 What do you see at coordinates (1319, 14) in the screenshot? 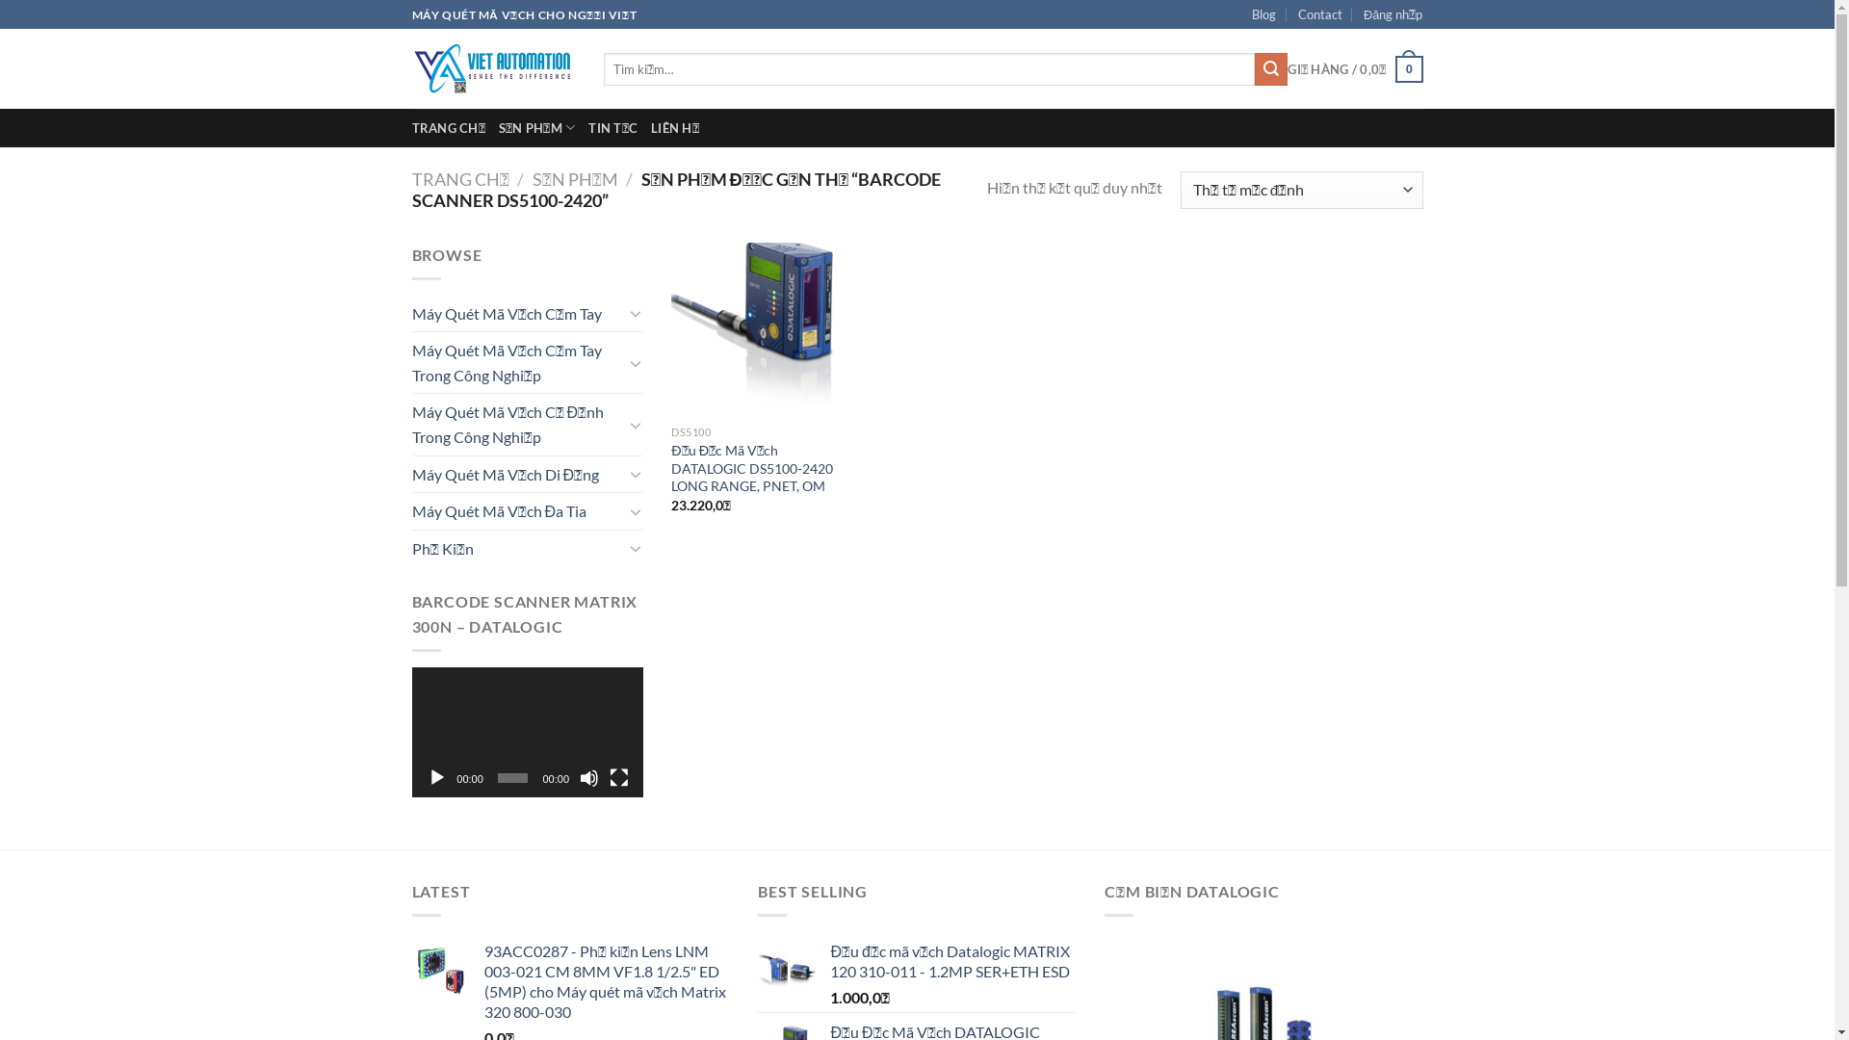
I see `'Contact'` at bounding box center [1319, 14].